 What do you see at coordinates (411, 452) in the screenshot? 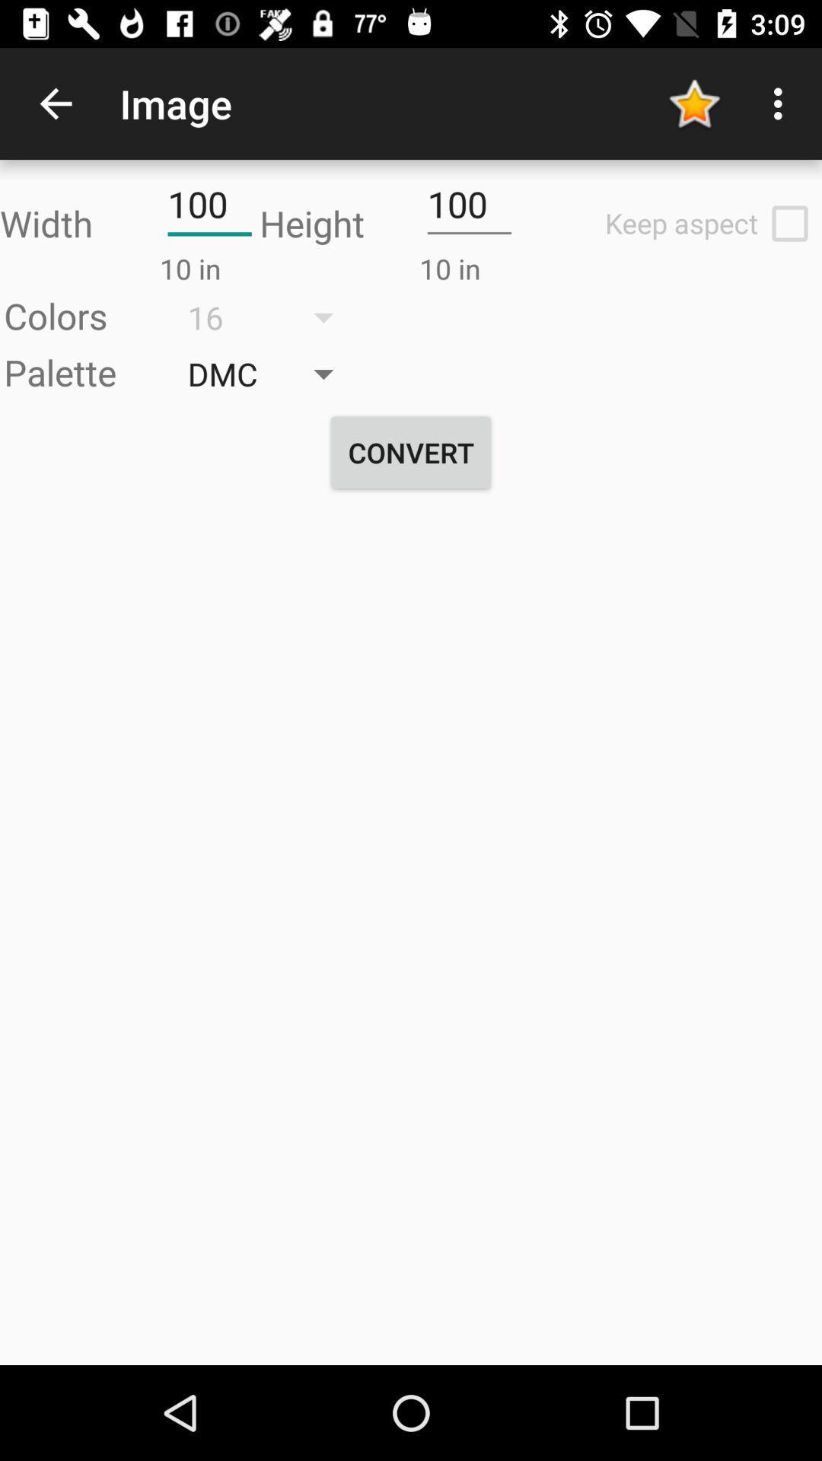
I see `the convert button` at bounding box center [411, 452].